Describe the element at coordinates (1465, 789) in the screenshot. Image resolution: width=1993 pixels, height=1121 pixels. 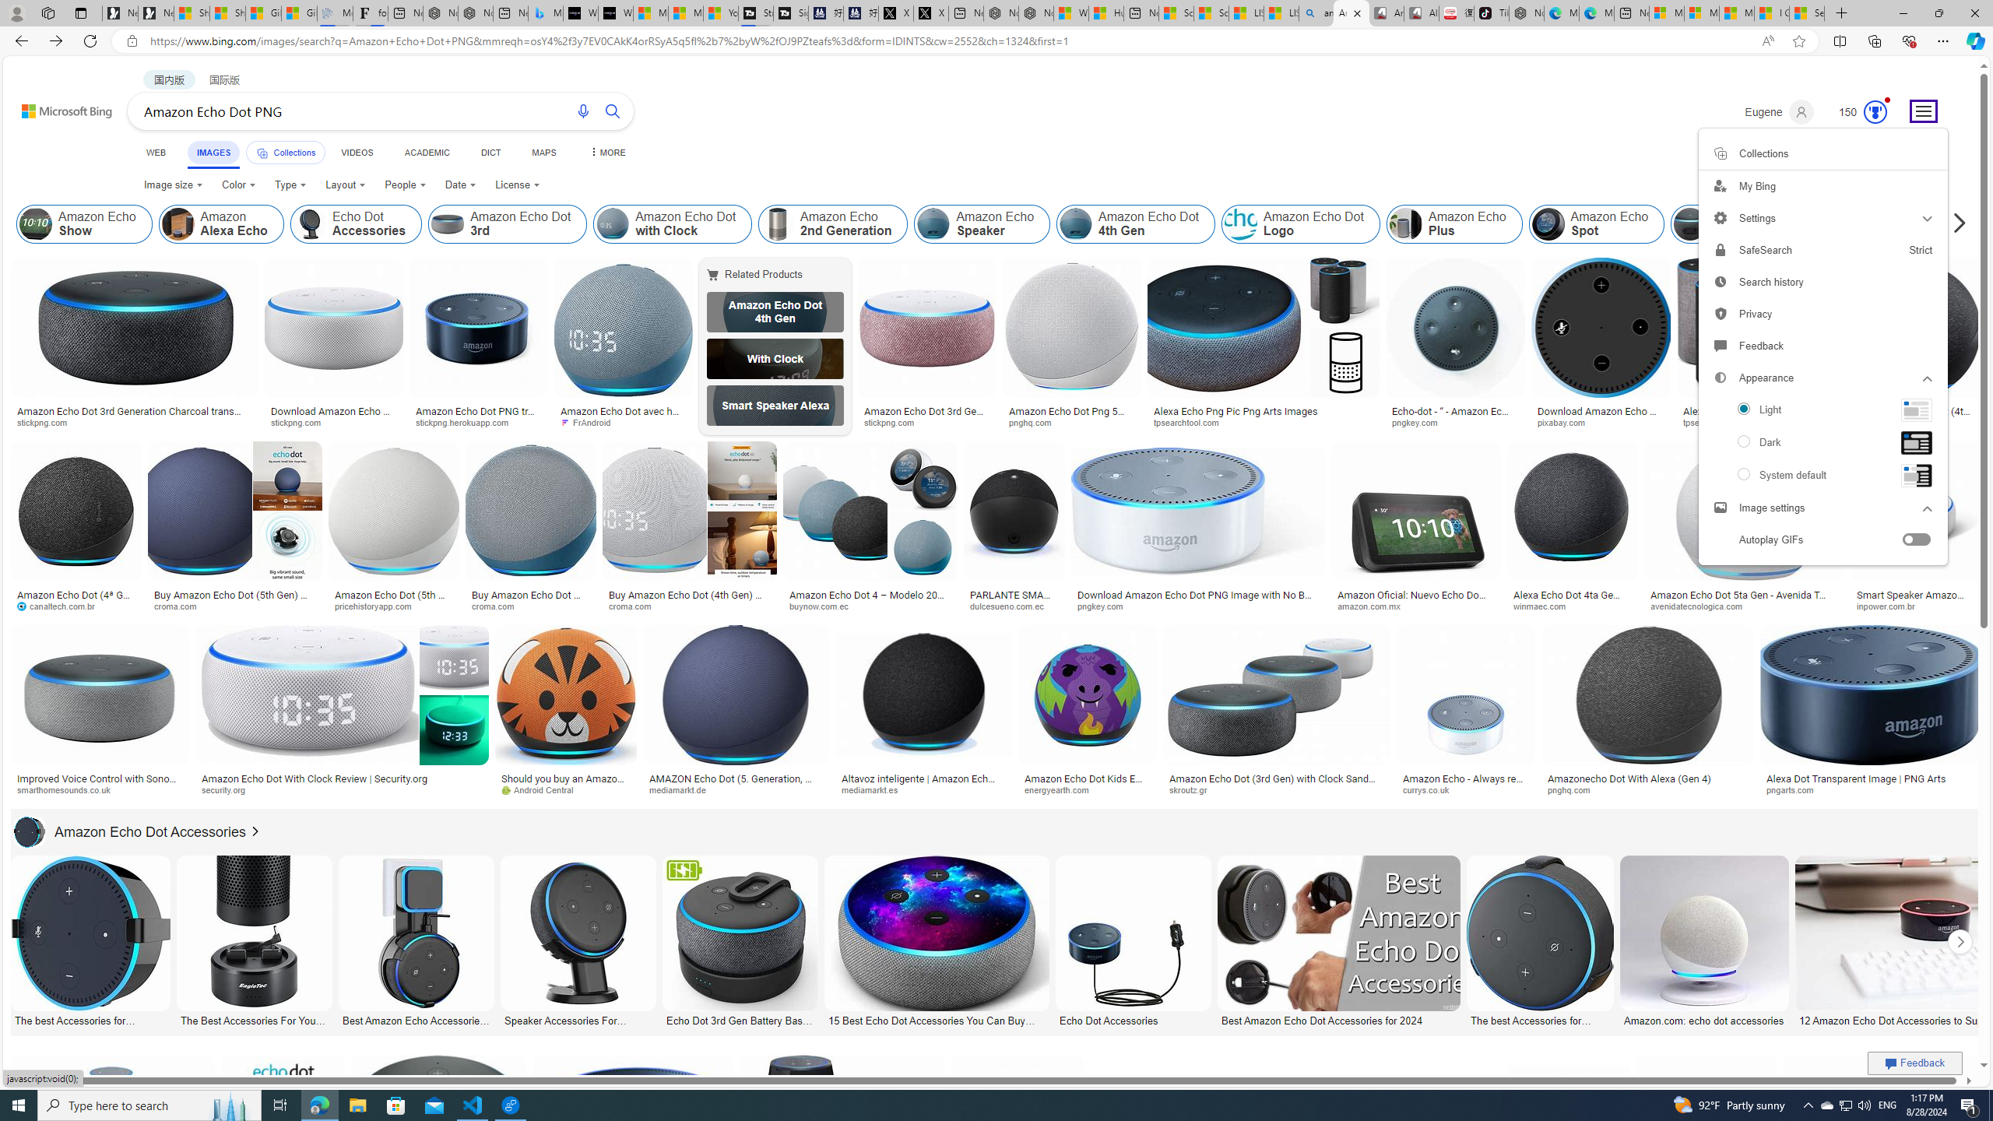
I see `'currys.co.uk'` at that location.